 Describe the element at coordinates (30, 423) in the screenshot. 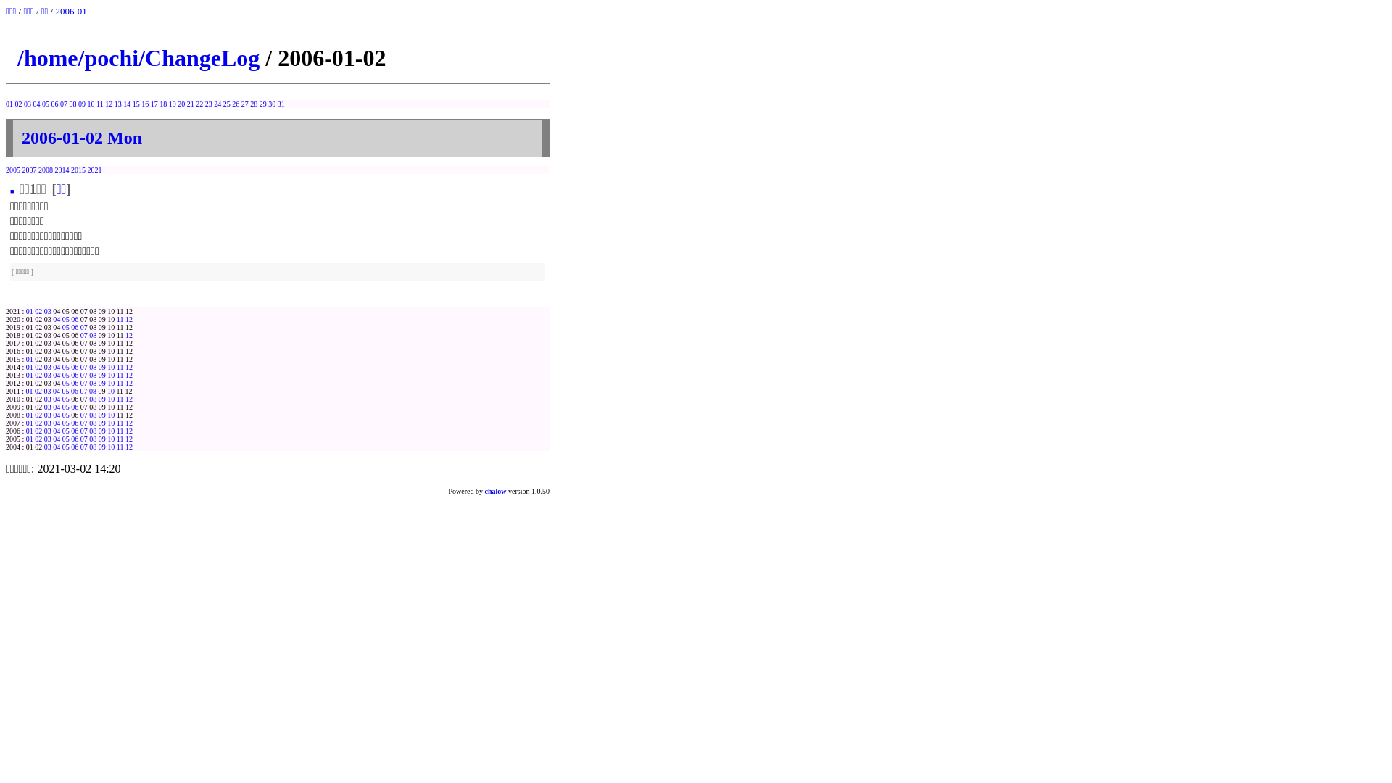

I see `'01'` at that location.